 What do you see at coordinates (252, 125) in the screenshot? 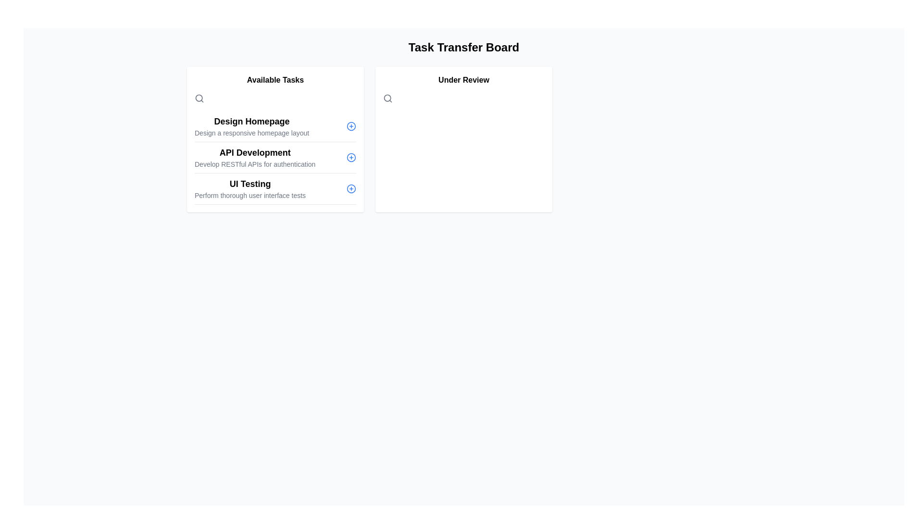
I see `the first task item in the 'Available Tasks' section, which displays 'Design Homepage' in bold and larger font` at bounding box center [252, 125].